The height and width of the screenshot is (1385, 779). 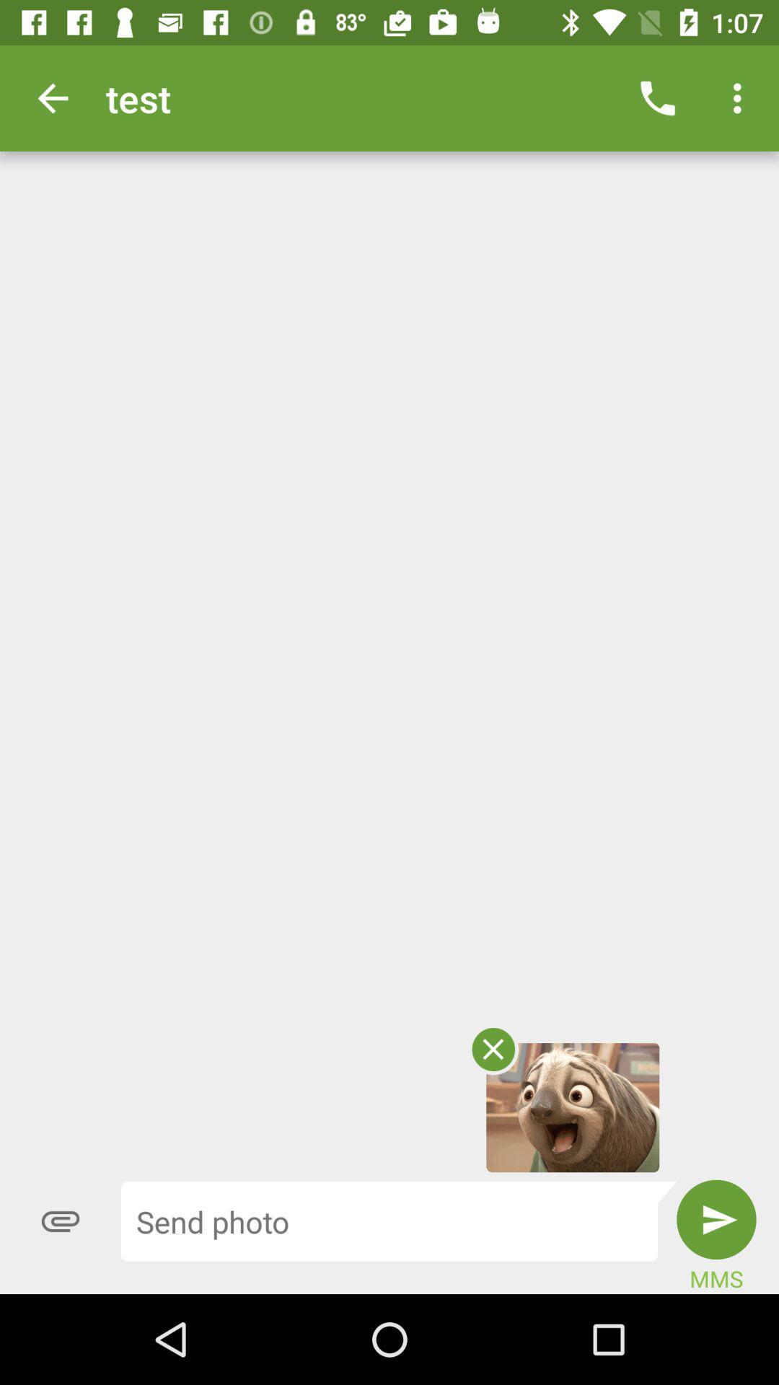 What do you see at coordinates (716, 1218) in the screenshot?
I see `item above mms icon` at bounding box center [716, 1218].